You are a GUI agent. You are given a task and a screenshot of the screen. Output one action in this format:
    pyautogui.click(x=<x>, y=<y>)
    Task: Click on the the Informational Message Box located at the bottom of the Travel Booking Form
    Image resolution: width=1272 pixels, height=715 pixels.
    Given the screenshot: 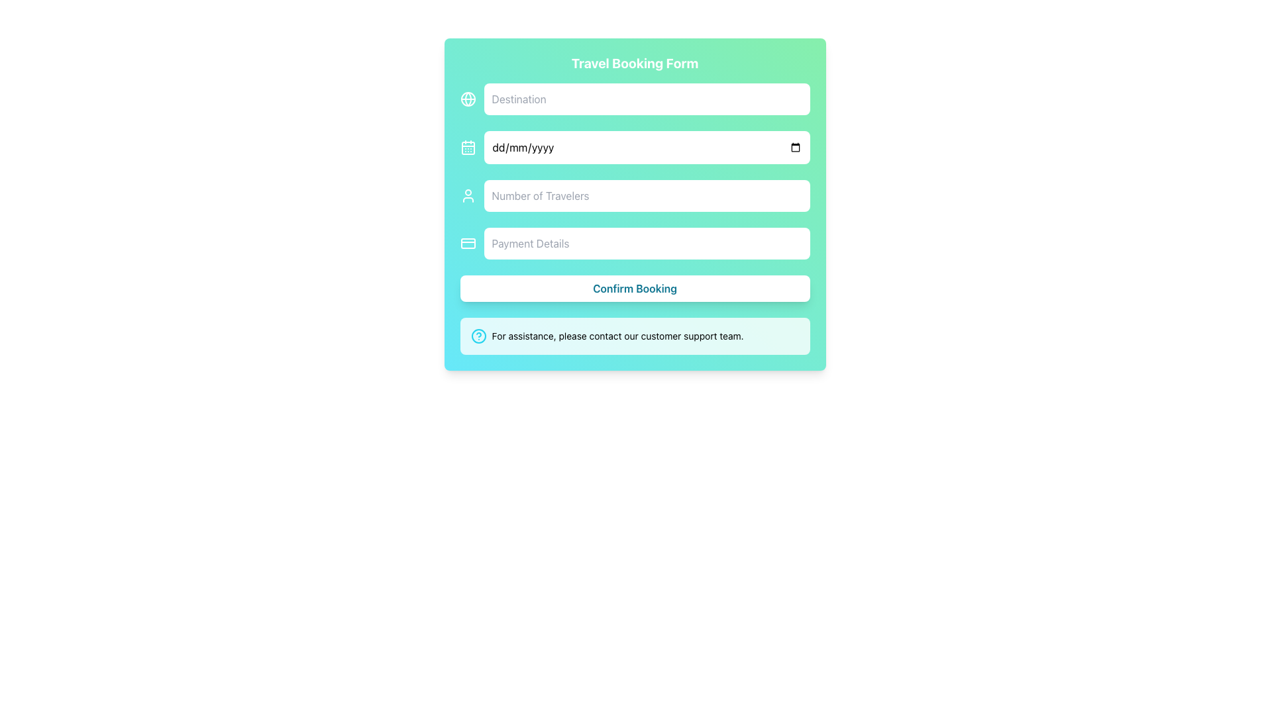 What is the action you would take?
    pyautogui.click(x=634, y=336)
    